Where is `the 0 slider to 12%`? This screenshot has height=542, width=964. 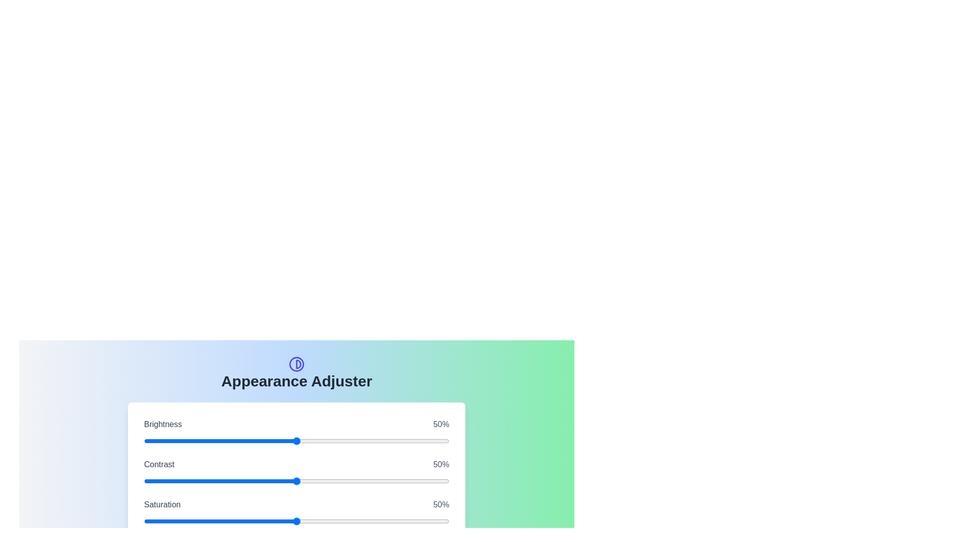
the 0 slider to 12% is located at coordinates (314, 441).